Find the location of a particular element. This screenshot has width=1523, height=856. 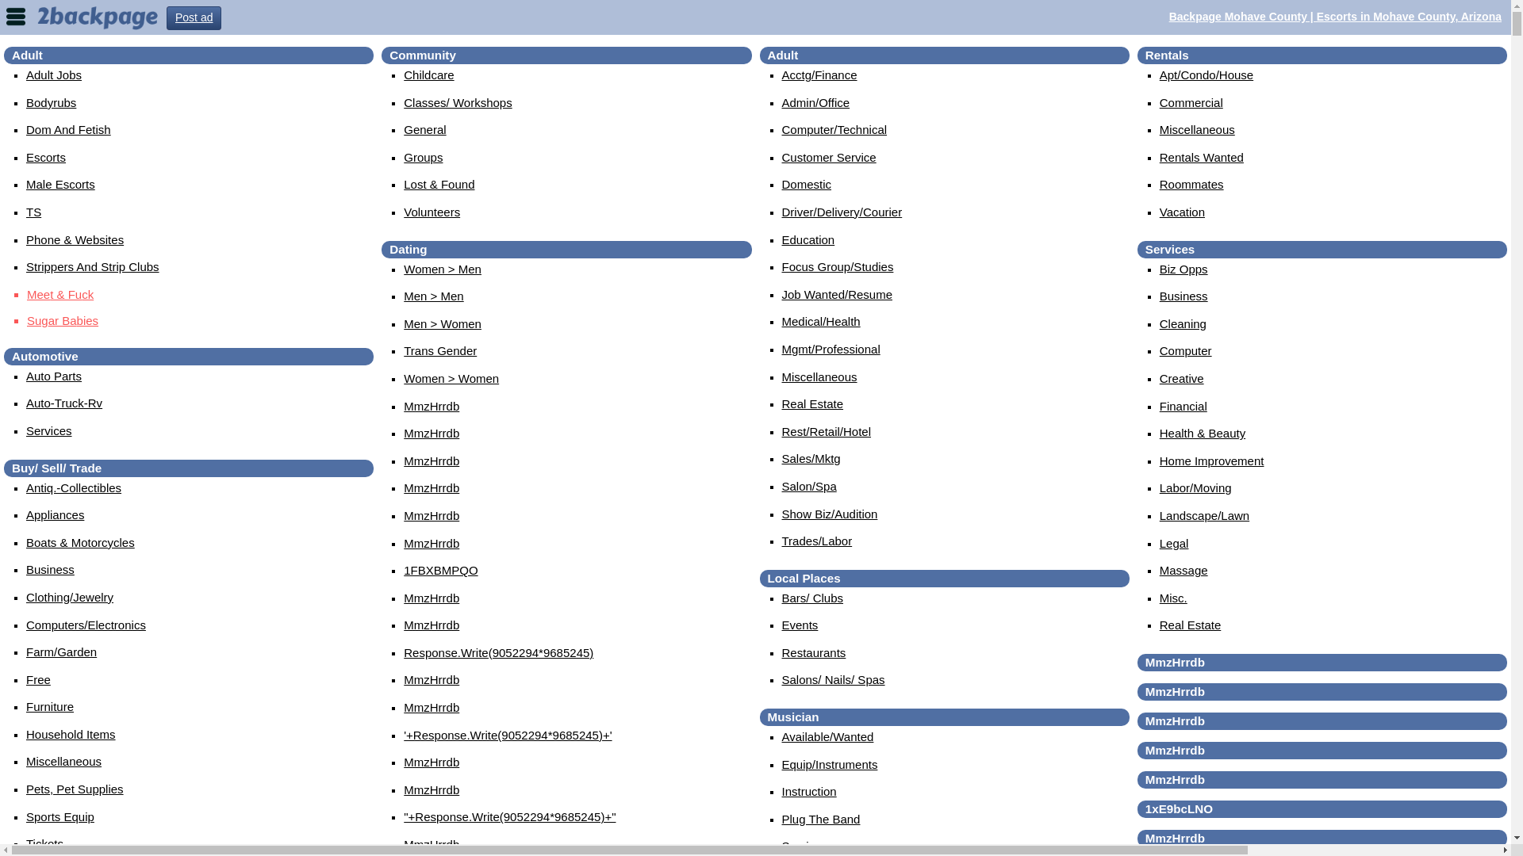

'MmzHrrdb' is located at coordinates (431, 761).